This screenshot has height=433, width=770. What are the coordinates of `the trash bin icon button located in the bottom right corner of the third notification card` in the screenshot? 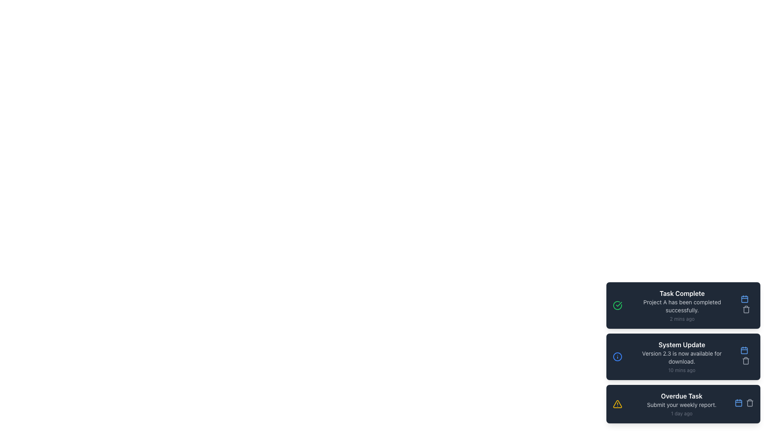 It's located at (750, 403).